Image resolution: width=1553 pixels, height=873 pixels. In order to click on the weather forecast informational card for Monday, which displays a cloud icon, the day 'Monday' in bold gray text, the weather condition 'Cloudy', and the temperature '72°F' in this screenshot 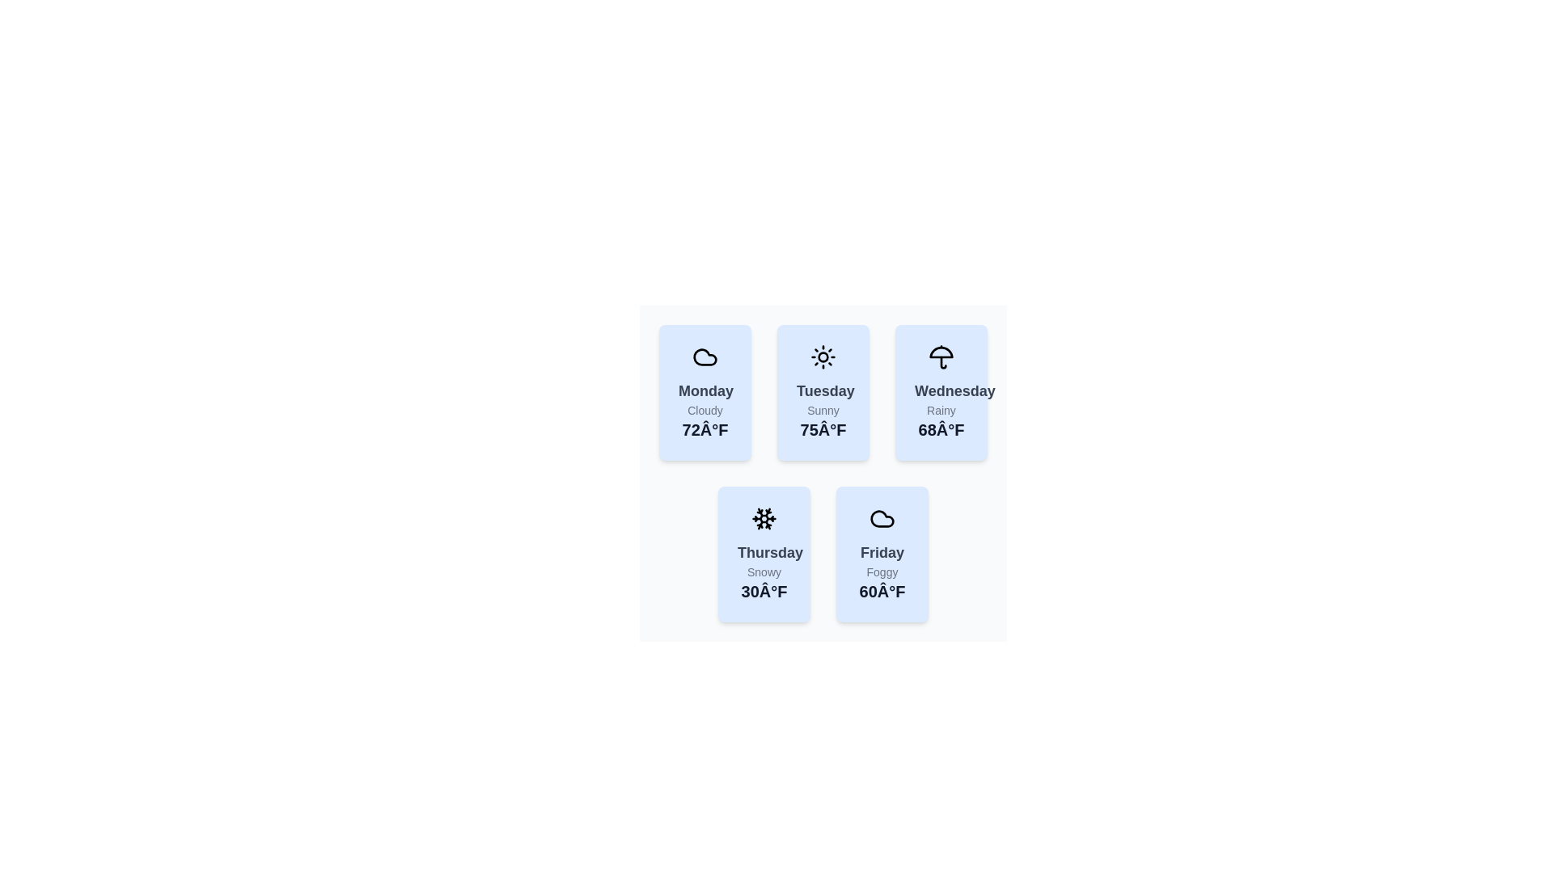, I will do `click(705, 393)`.